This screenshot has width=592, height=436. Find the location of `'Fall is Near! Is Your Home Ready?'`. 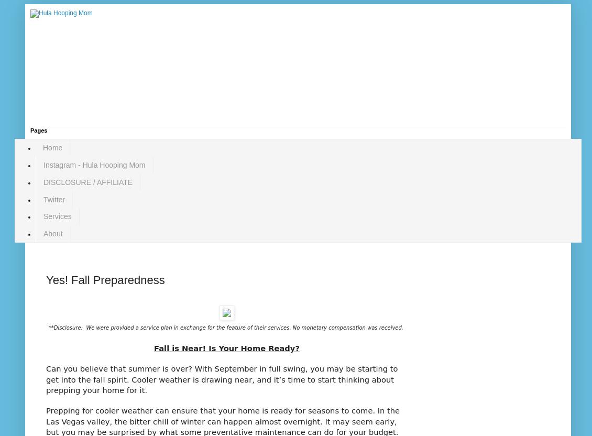

'Fall is Near! Is Your Home Ready?' is located at coordinates (226, 348).